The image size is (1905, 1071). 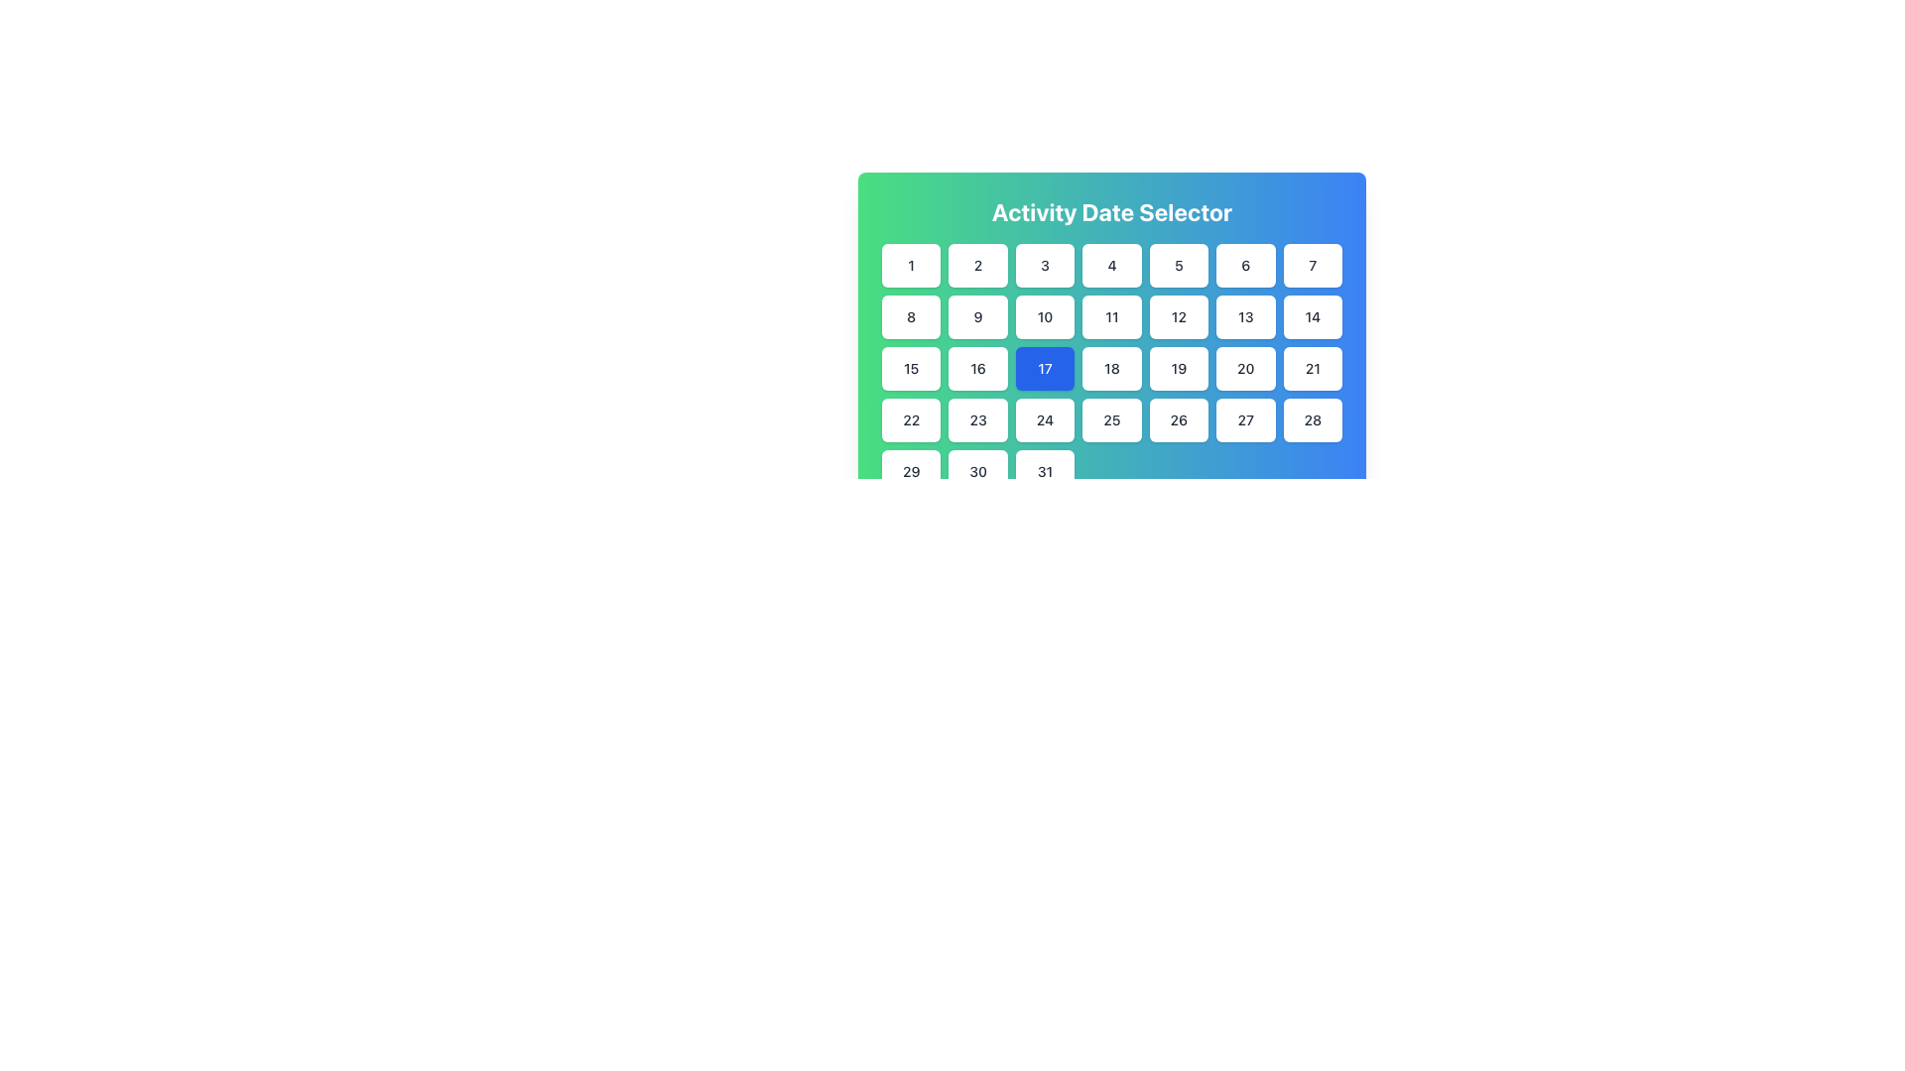 What do you see at coordinates (1313, 316) in the screenshot?
I see `the selectable date button '14' in the calendar interface` at bounding box center [1313, 316].